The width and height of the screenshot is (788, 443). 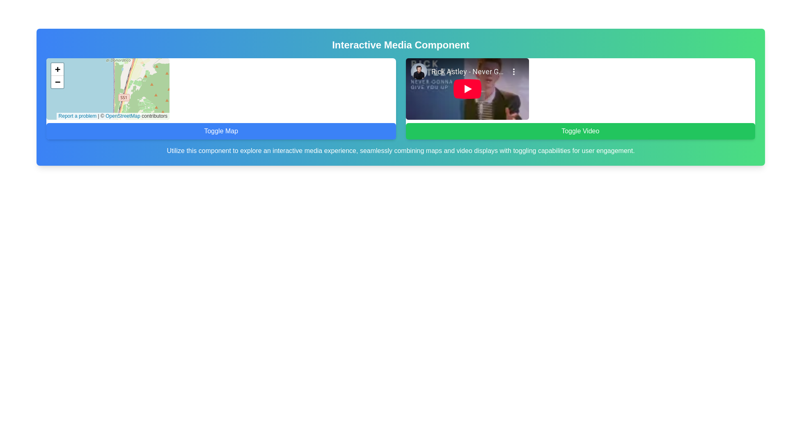 What do you see at coordinates (221, 131) in the screenshot?
I see `the blue rectangular button labeled 'Toggle Map'` at bounding box center [221, 131].